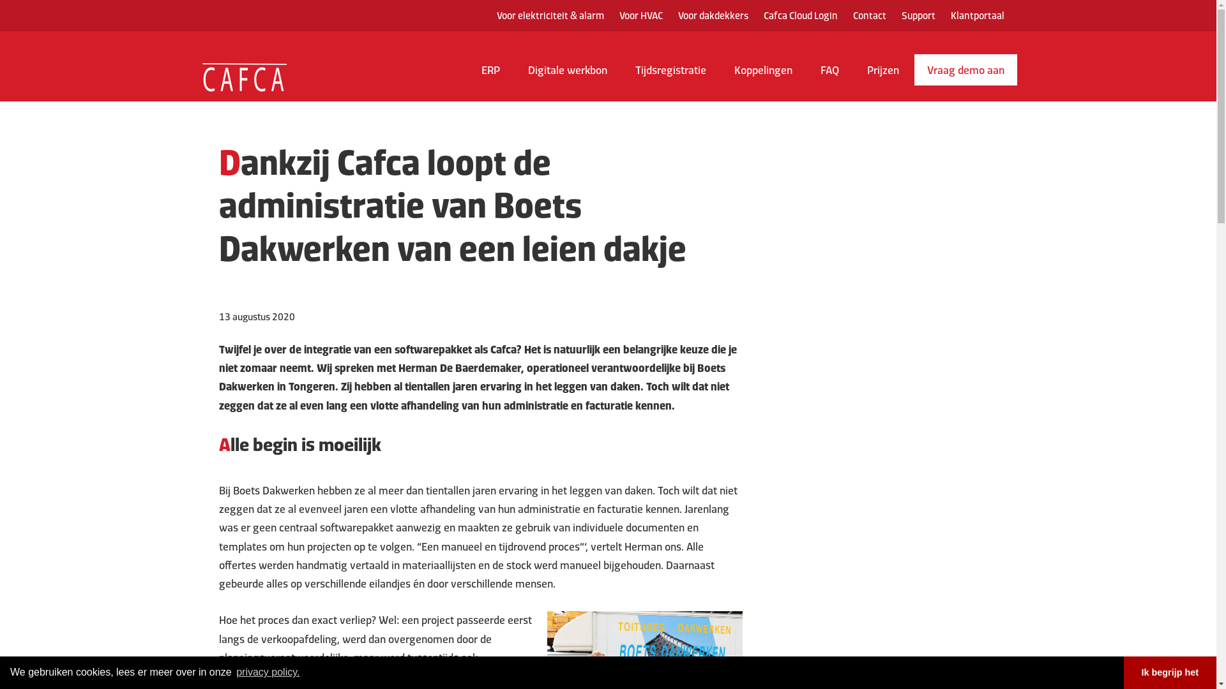 The width and height of the screenshot is (1226, 689). What do you see at coordinates (918, 15) in the screenshot?
I see `'Support'` at bounding box center [918, 15].